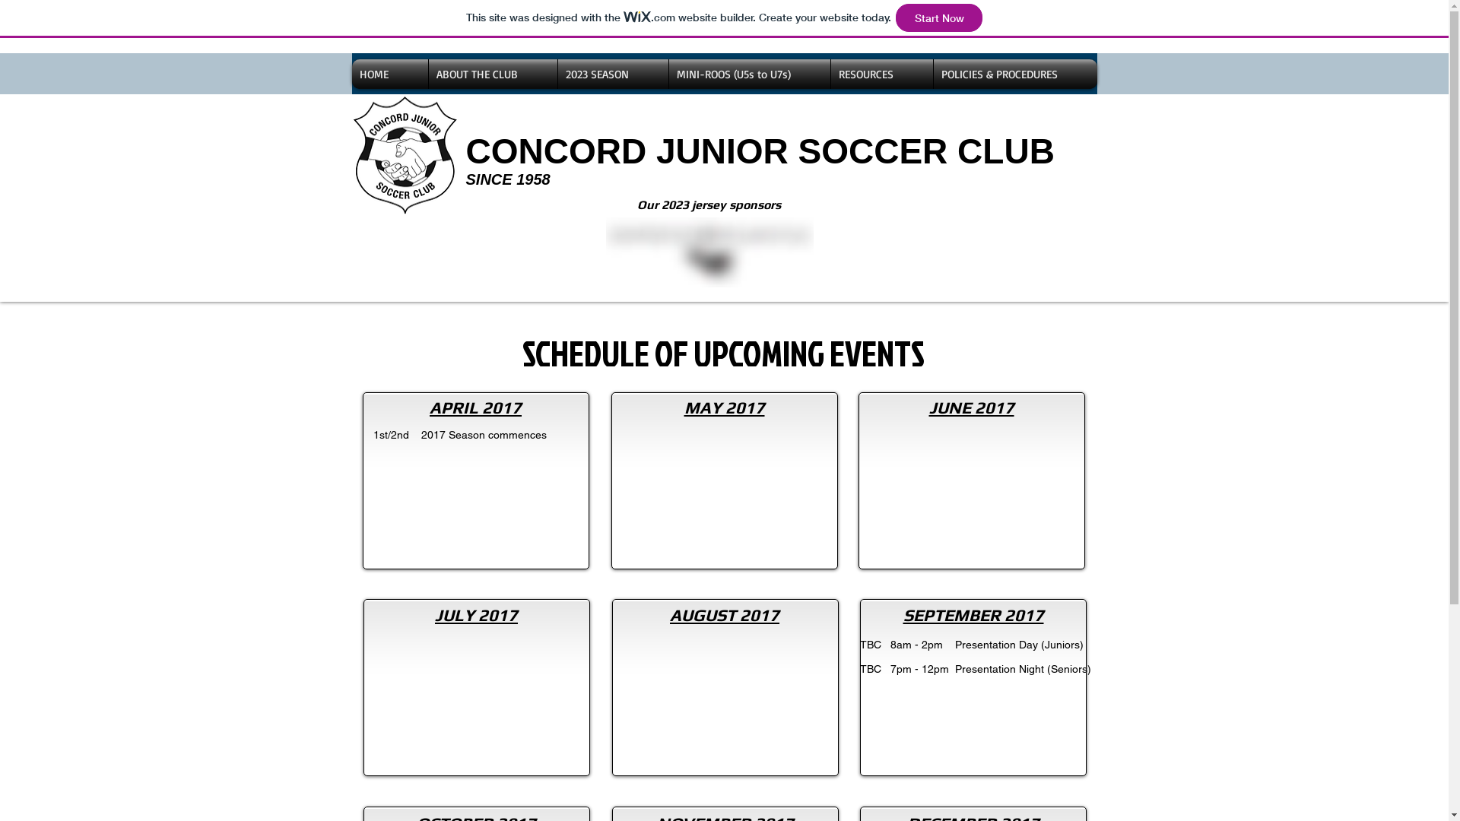 The width and height of the screenshot is (1460, 821). I want to click on 'HOME', so click(389, 74).